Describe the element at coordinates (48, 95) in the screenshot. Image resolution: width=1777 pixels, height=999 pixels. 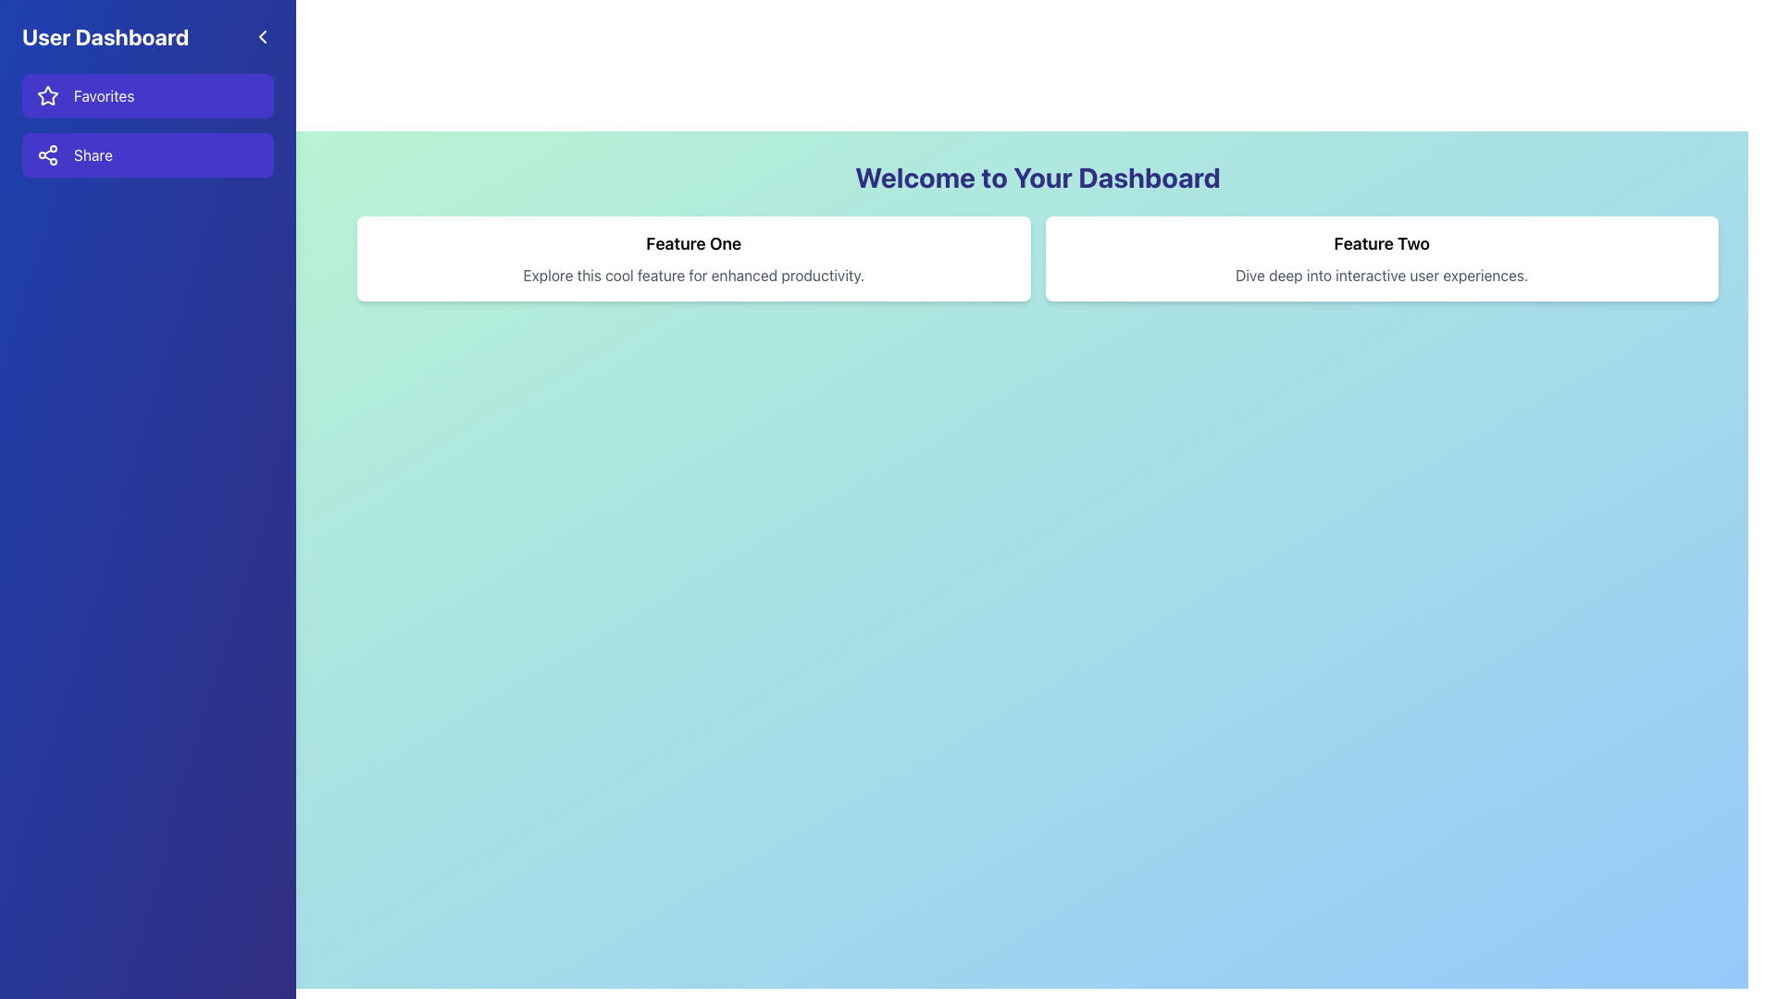
I see `the star icon in the sidebar` at that location.